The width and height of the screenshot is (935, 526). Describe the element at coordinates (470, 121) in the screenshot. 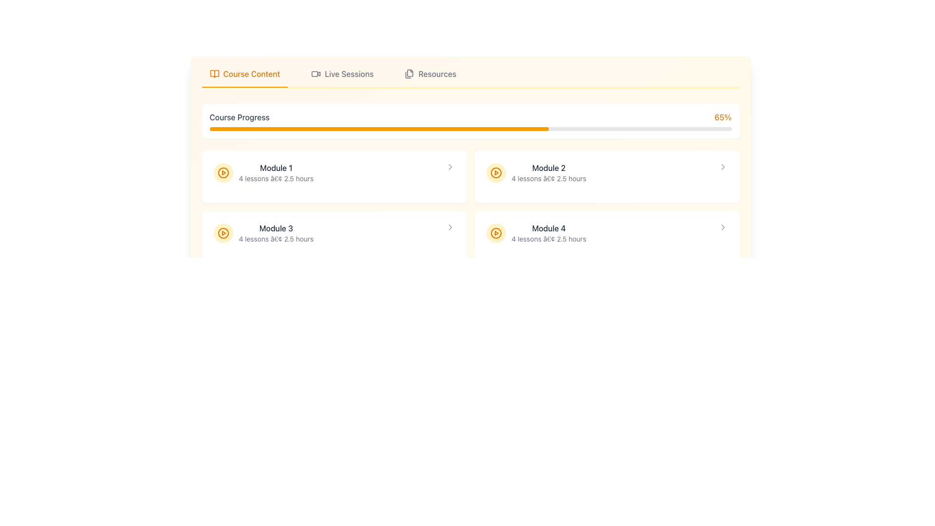

I see `the progress value displayed on the progress bar located at the top of the content section, directly beneath the main navigation tabs` at that location.